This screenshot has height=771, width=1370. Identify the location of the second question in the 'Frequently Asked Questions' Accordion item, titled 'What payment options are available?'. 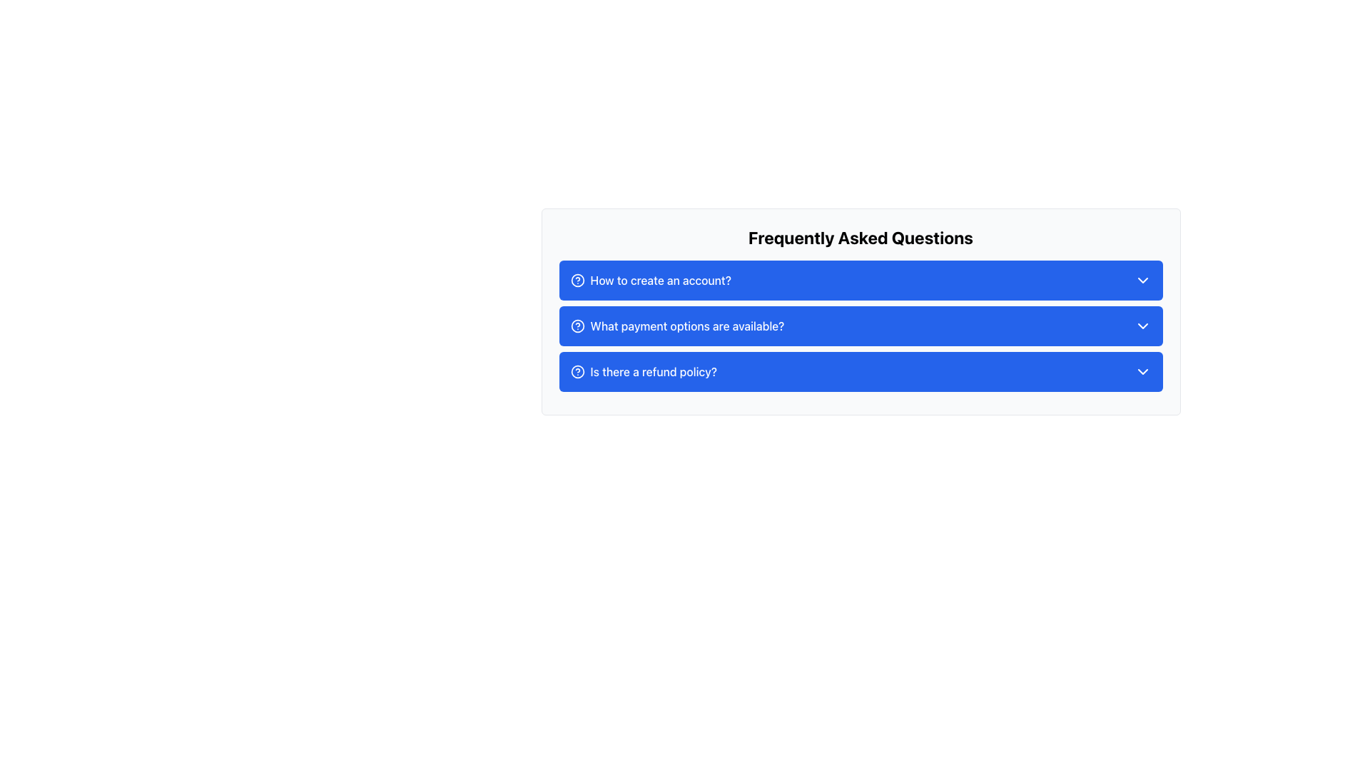
(860, 311).